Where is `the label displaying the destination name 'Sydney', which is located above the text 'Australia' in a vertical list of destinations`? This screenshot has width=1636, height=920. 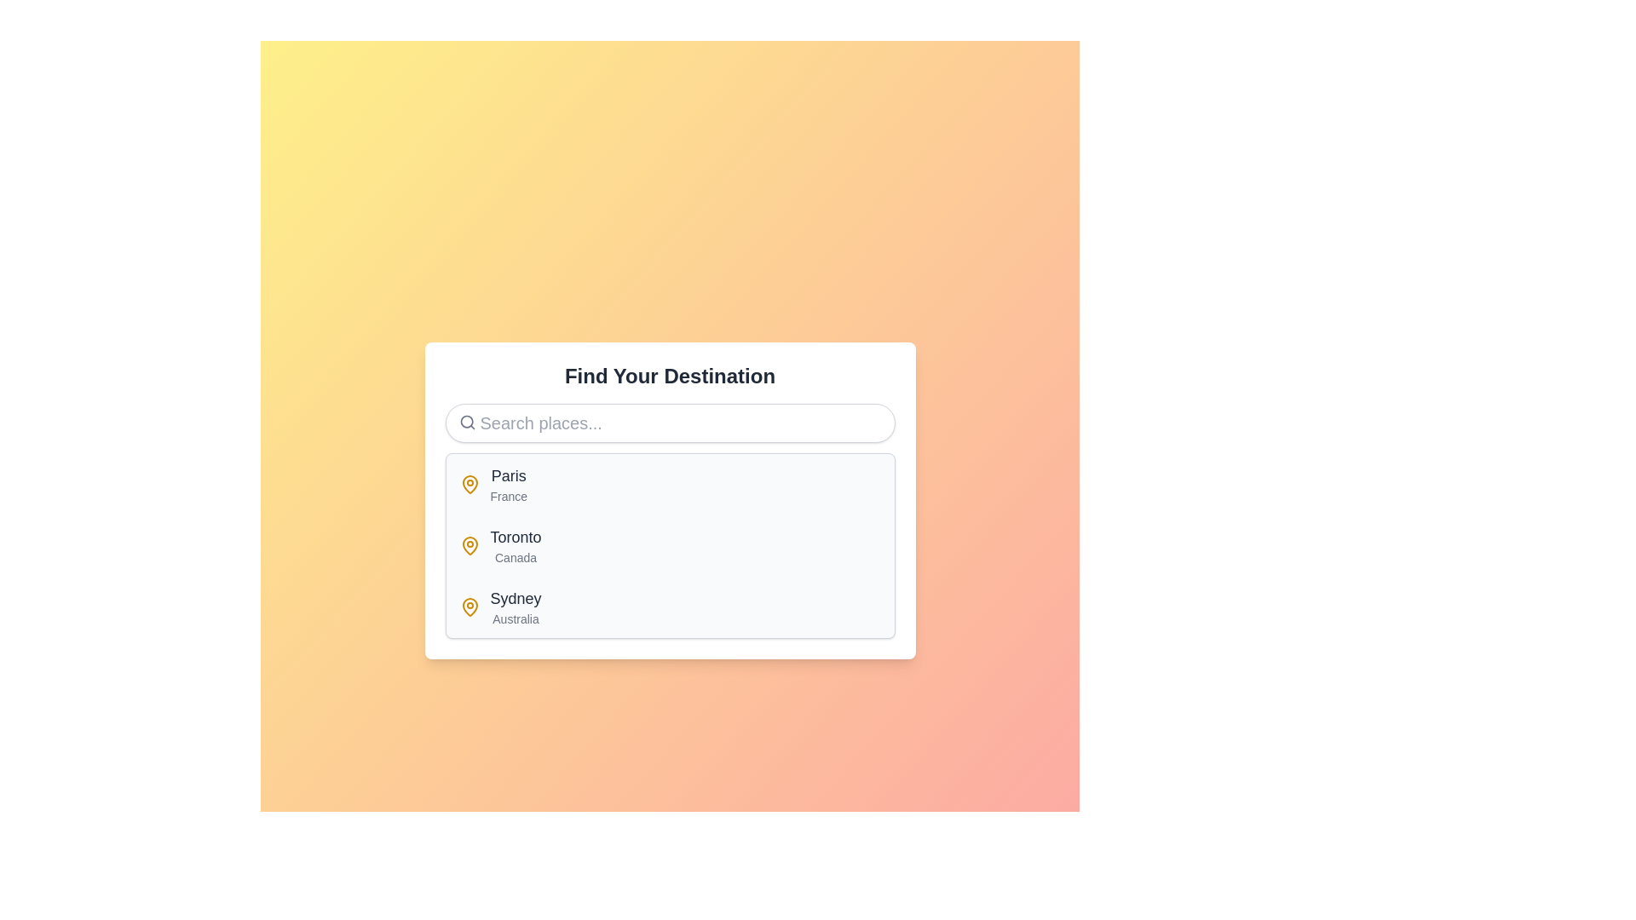
the label displaying the destination name 'Sydney', which is located above the text 'Australia' in a vertical list of destinations is located at coordinates (515, 597).